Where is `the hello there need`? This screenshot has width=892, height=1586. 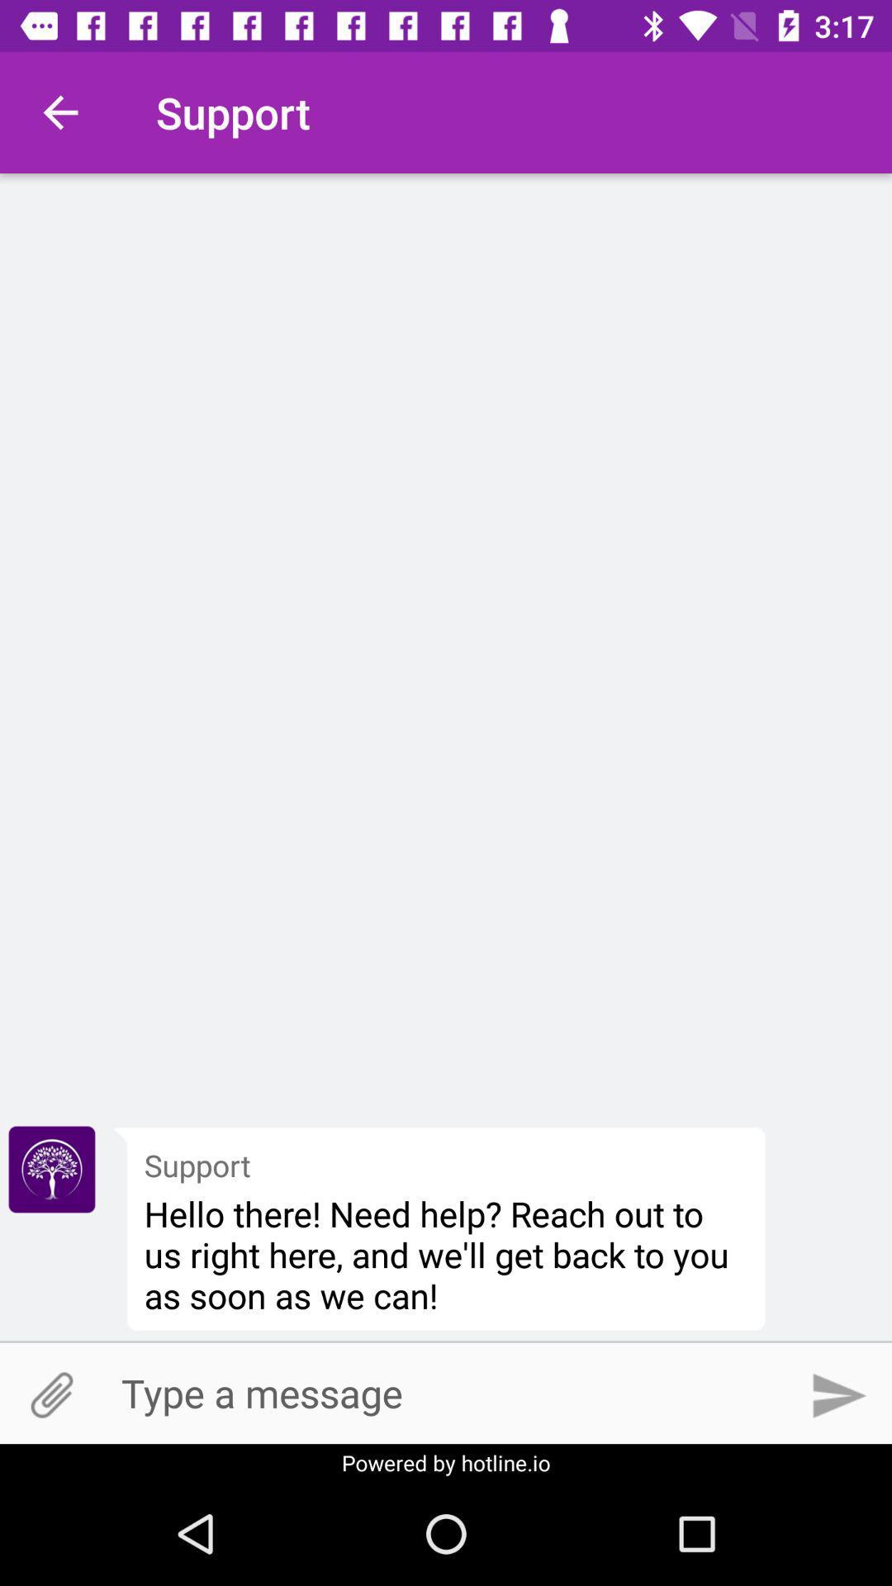
the hello there need is located at coordinates (446, 1254).